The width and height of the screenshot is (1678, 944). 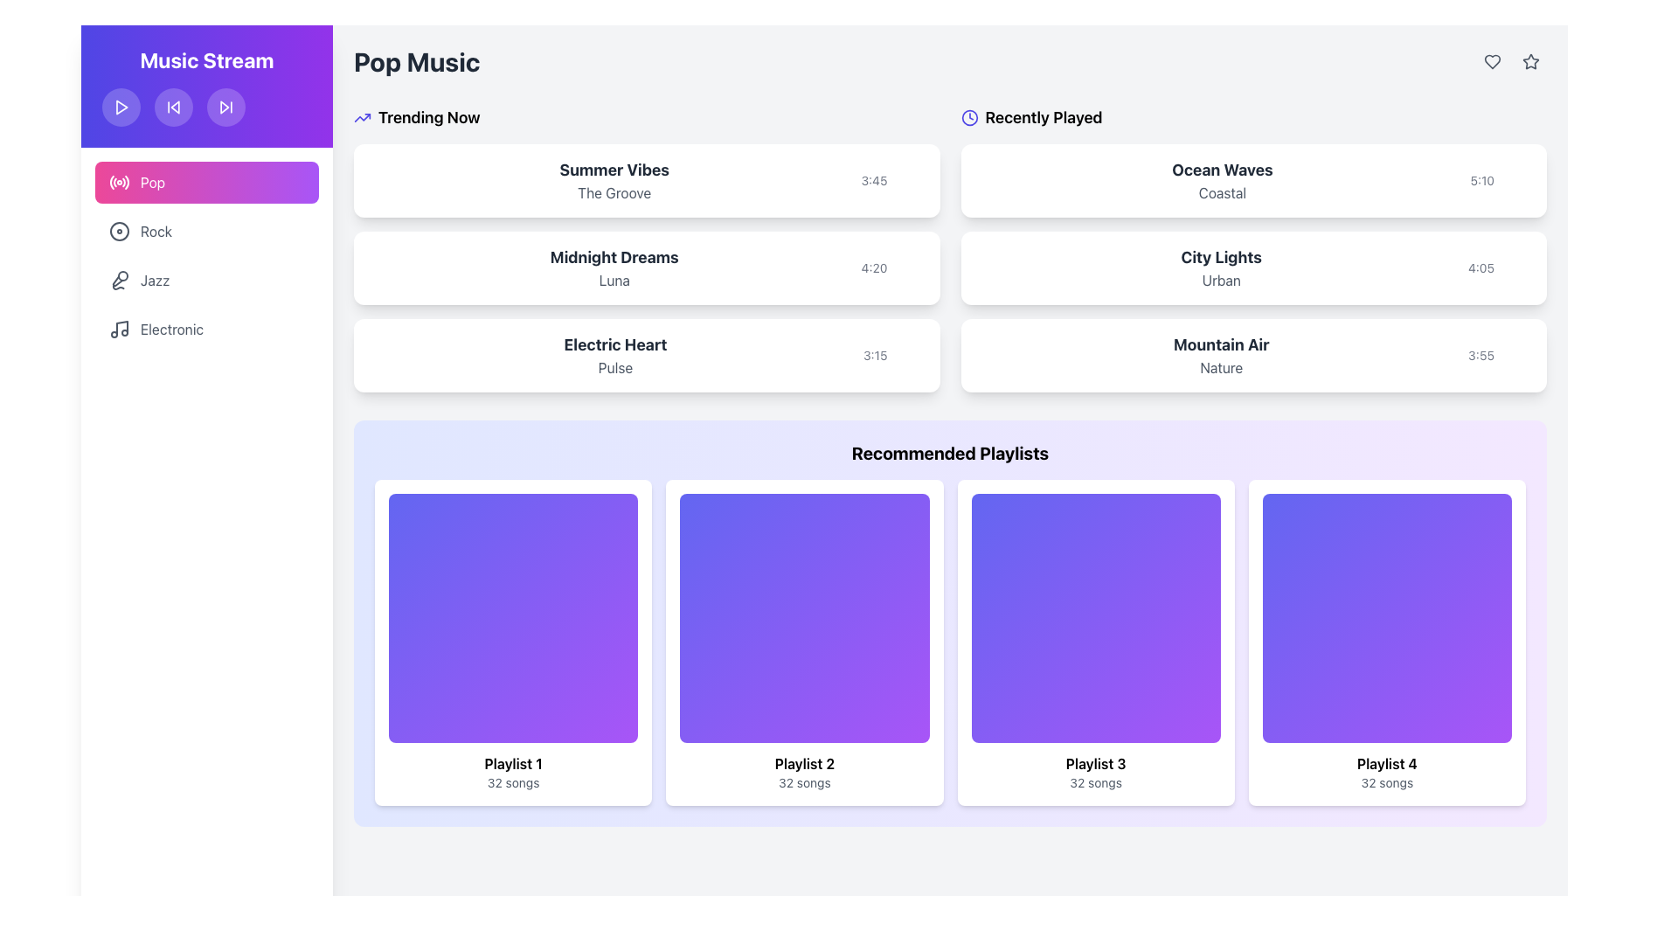 What do you see at coordinates (1220, 344) in the screenshot?
I see `the text label displaying the title of a recently played track or album located in the 'Recently Played' section of the interface` at bounding box center [1220, 344].